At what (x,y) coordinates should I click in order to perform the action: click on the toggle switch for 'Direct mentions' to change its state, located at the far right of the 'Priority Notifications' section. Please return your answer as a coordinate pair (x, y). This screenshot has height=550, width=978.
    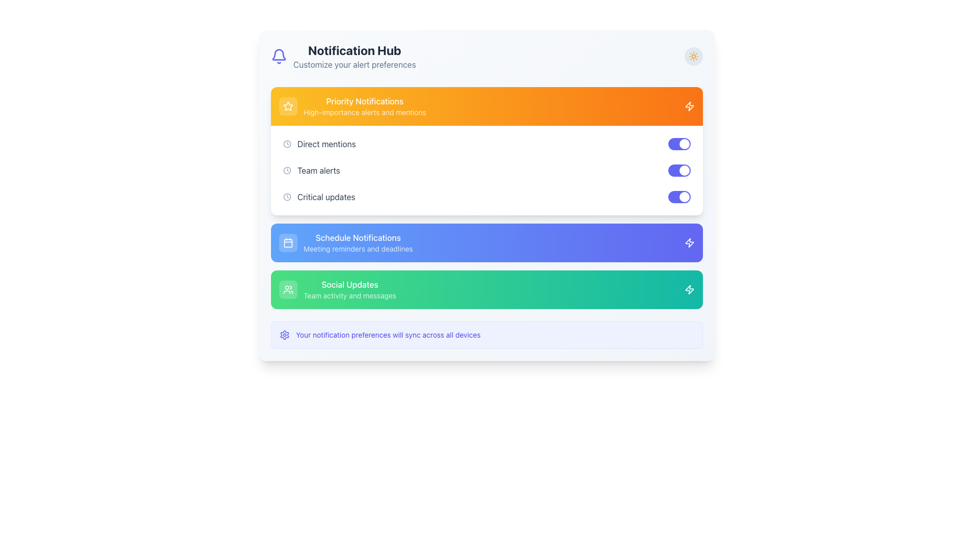
    Looking at the image, I should click on (680, 144).